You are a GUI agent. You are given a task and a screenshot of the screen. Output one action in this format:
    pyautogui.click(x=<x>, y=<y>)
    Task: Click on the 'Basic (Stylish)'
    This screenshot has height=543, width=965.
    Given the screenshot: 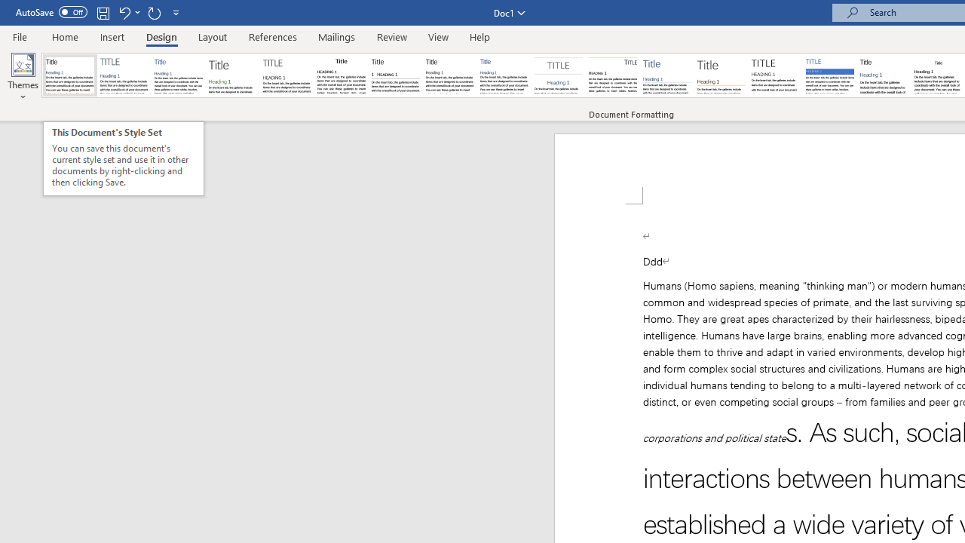 What is the action you would take?
    pyautogui.click(x=232, y=75)
    